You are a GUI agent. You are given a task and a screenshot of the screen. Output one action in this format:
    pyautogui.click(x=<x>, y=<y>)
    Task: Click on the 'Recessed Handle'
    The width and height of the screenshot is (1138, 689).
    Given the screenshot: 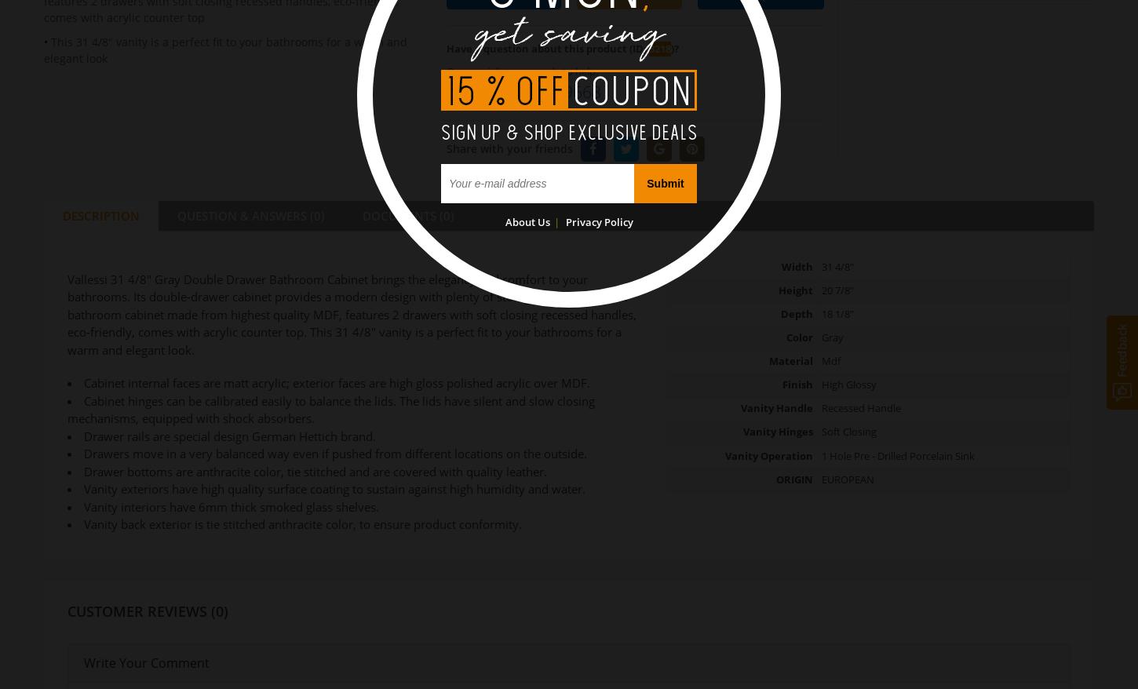 What is the action you would take?
    pyautogui.click(x=859, y=408)
    